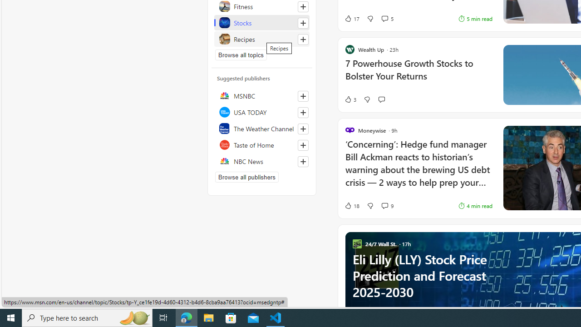 This screenshot has height=327, width=581. Describe the element at coordinates (384, 19) in the screenshot. I see `'View comments 5 Comment'` at that location.